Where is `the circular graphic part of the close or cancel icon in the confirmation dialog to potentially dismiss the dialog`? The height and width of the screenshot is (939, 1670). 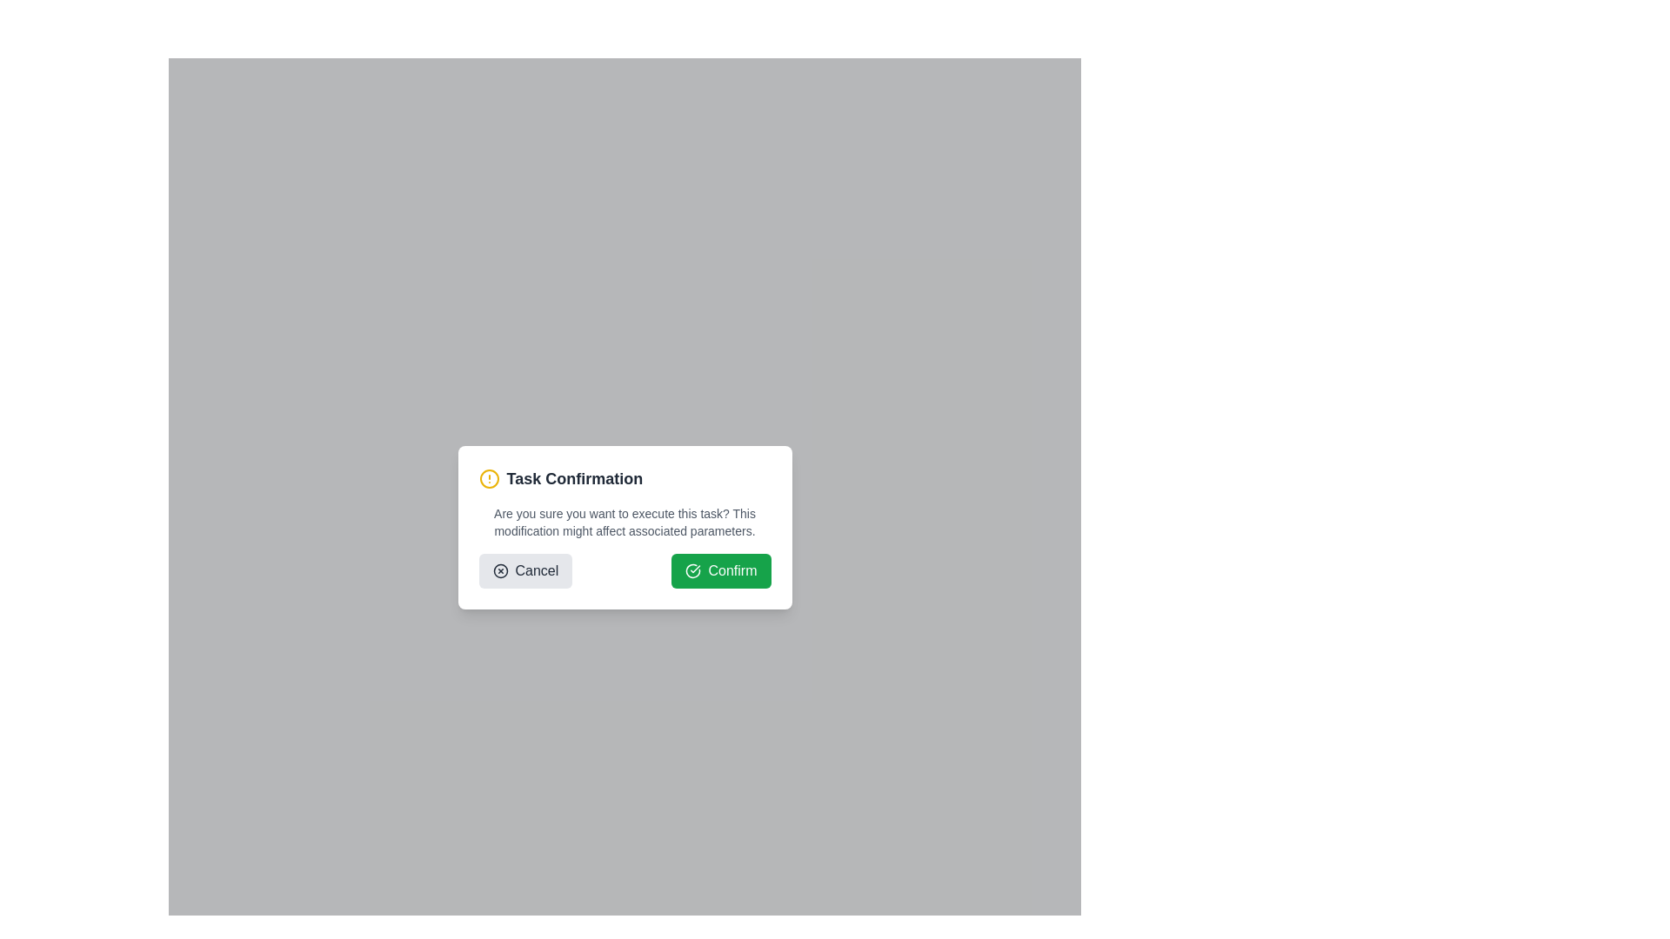 the circular graphic part of the close or cancel icon in the confirmation dialog to potentially dismiss the dialog is located at coordinates (499, 570).